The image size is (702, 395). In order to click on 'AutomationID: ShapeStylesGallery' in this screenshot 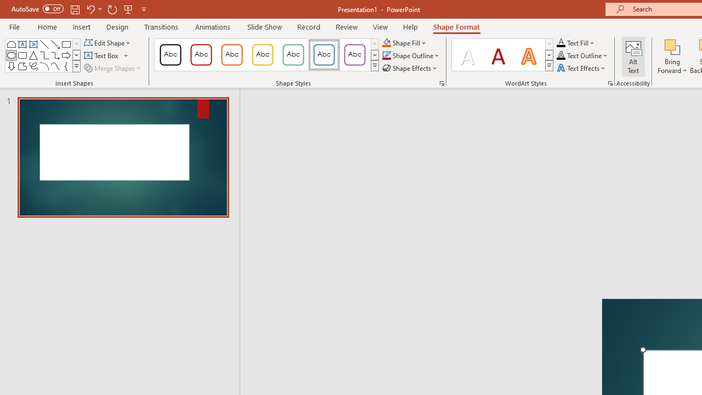, I will do `click(267, 55)`.